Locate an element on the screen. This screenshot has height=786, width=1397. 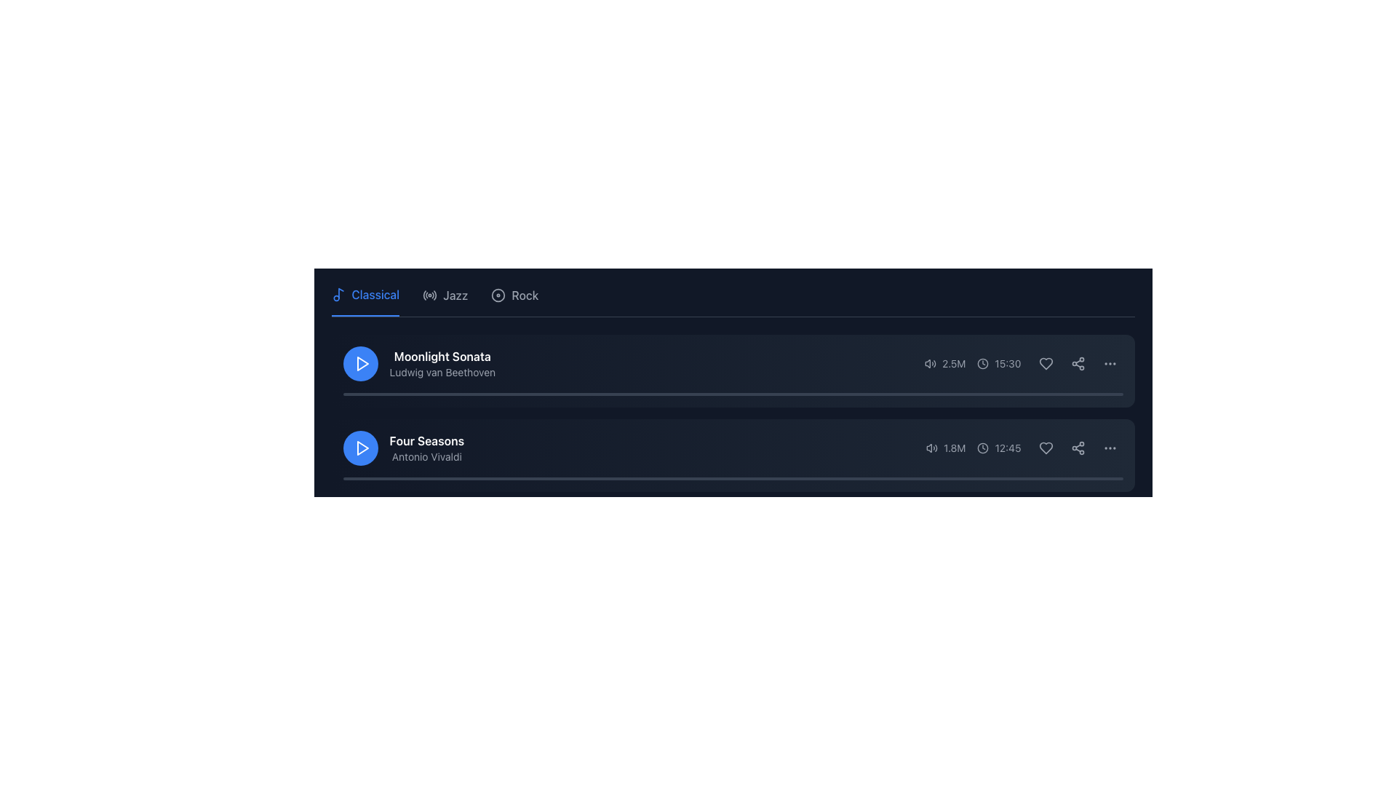
displayed information from the text label showing '1.8M', which is styled in muted gray and is positioned to the right of the audio icon in the bottom audio entry of the 'Four Seasons' item is located at coordinates (946, 448).